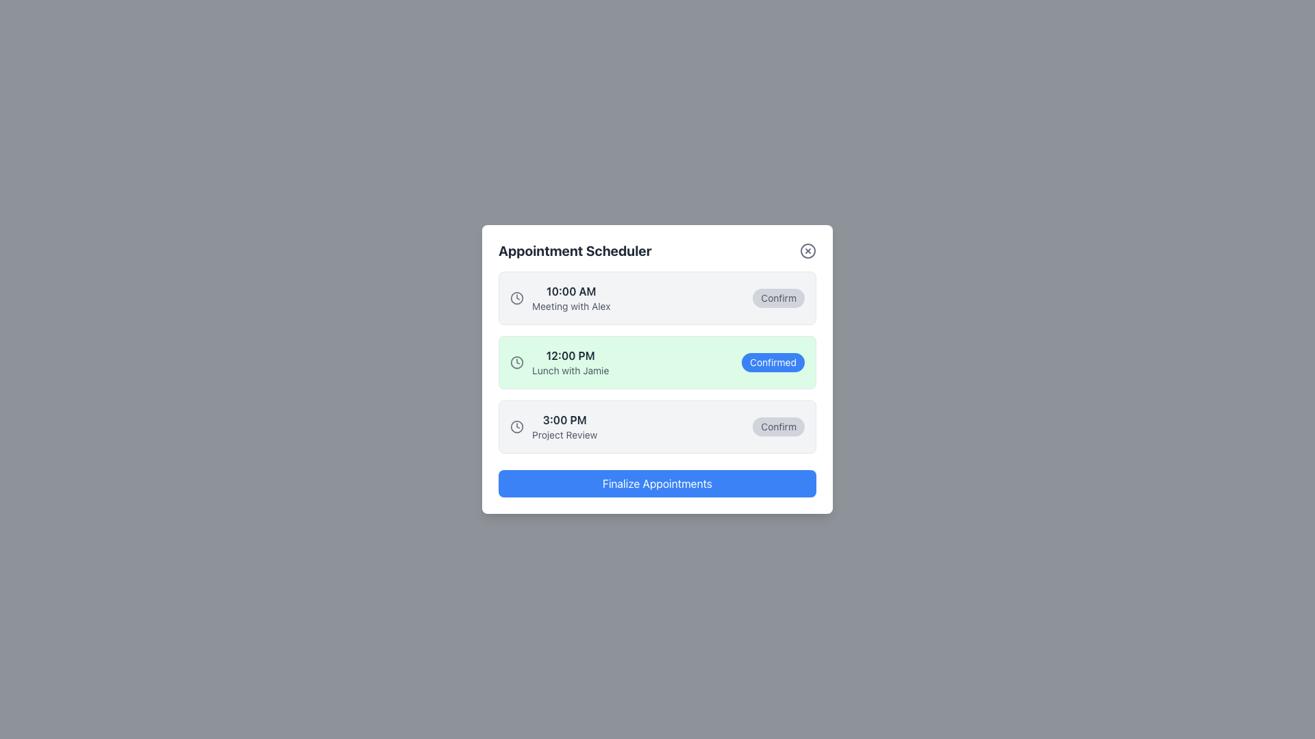 Image resolution: width=1315 pixels, height=739 pixels. What do you see at coordinates (516, 426) in the screenshot?
I see `the circular clock icon located on the left side of the '3:00 PM Project Review' entry in the appointment scheduler interface` at bounding box center [516, 426].